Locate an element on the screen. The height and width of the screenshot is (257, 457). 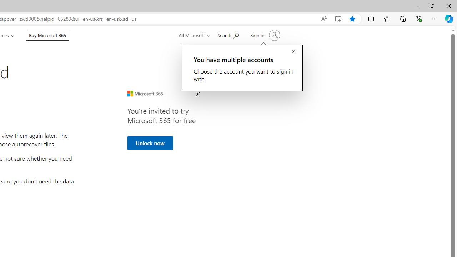
'Restore' is located at coordinates (432, 6).